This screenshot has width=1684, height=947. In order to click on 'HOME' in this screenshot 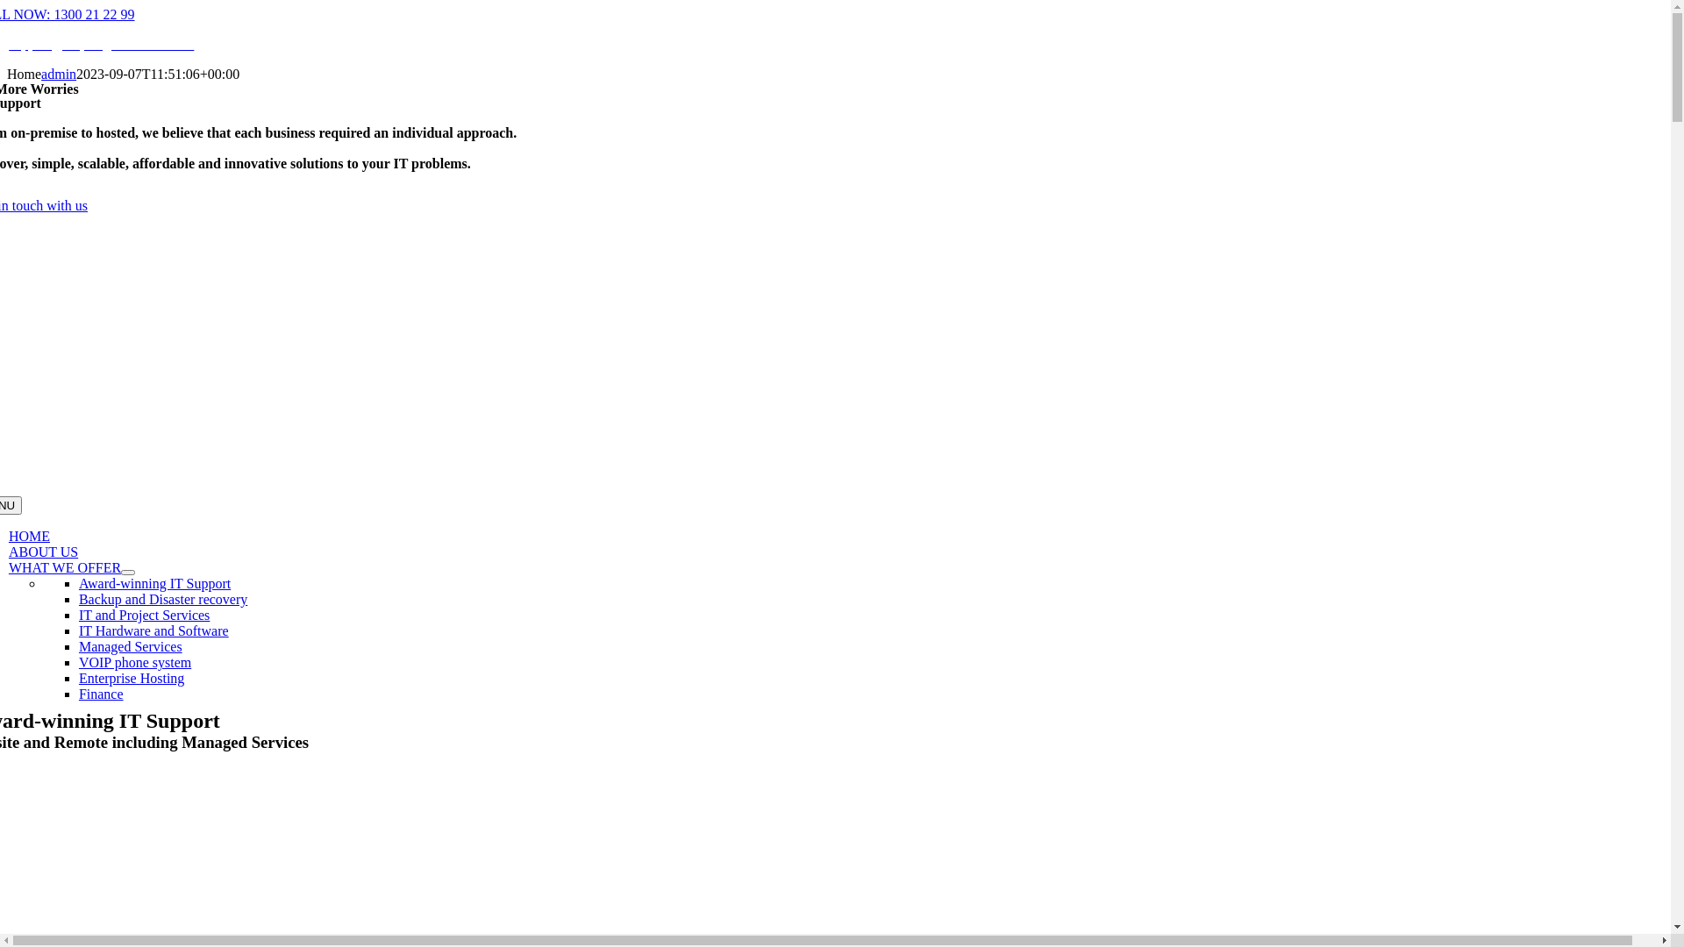, I will do `click(29, 535)`.